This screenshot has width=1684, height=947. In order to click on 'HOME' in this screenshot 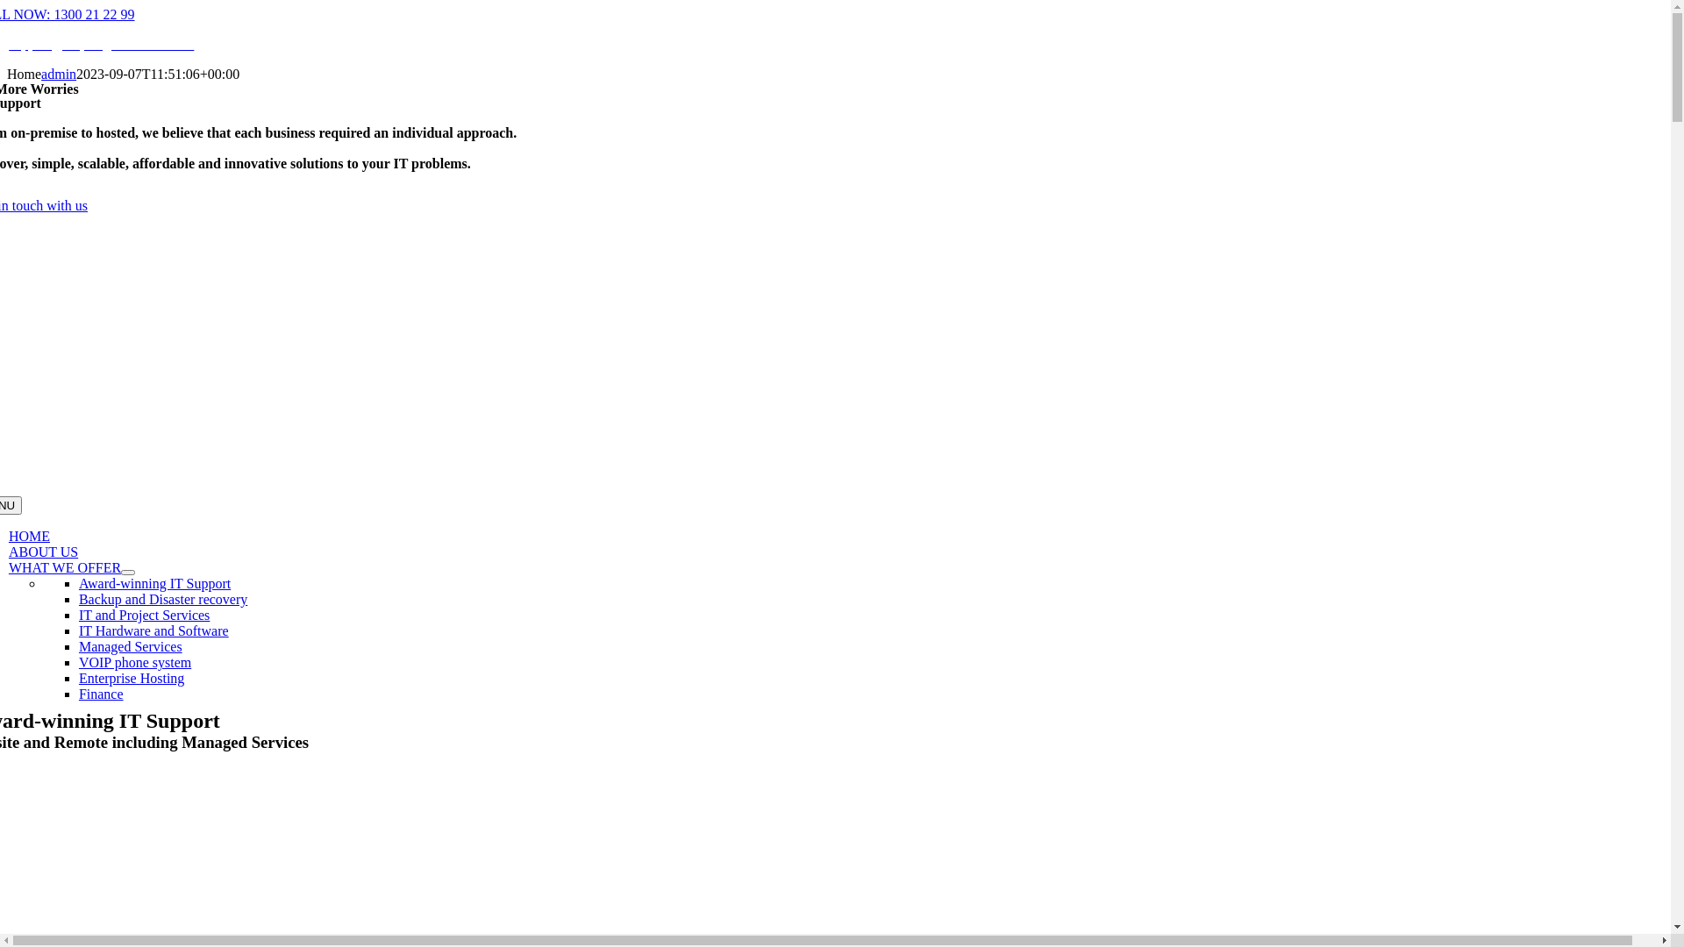, I will do `click(29, 535)`.